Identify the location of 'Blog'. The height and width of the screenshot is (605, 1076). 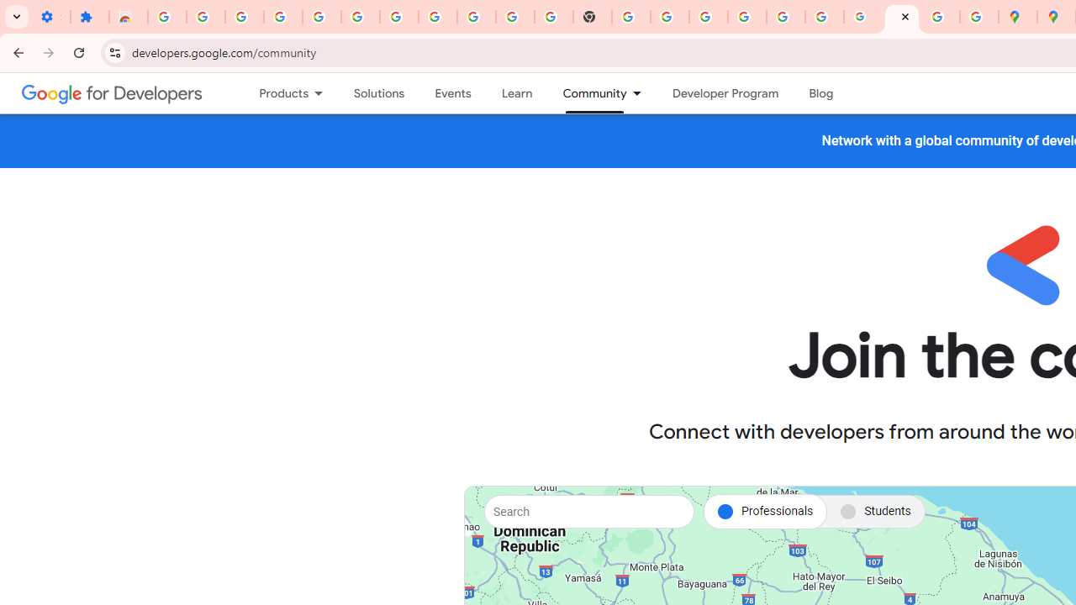
(821, 93).